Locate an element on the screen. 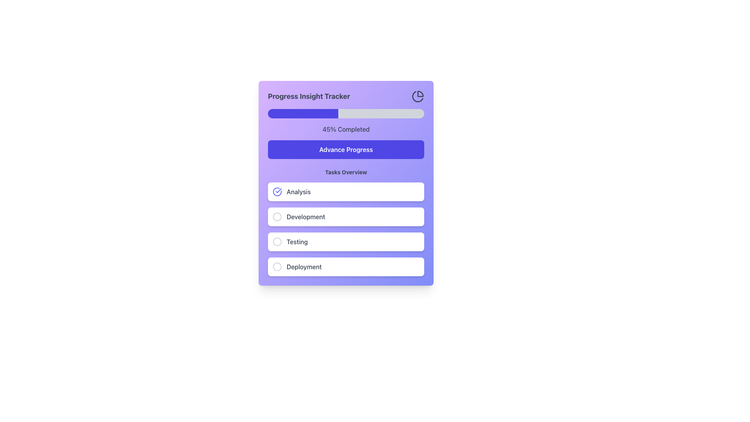 The width and height of the screenshot is (750, 422). the text label displaying 'Analysis', which is located next to a blue circular checkmark icon within a white rectangular area in the 'Tasks Overview.' is located at coordinates (298, 191).